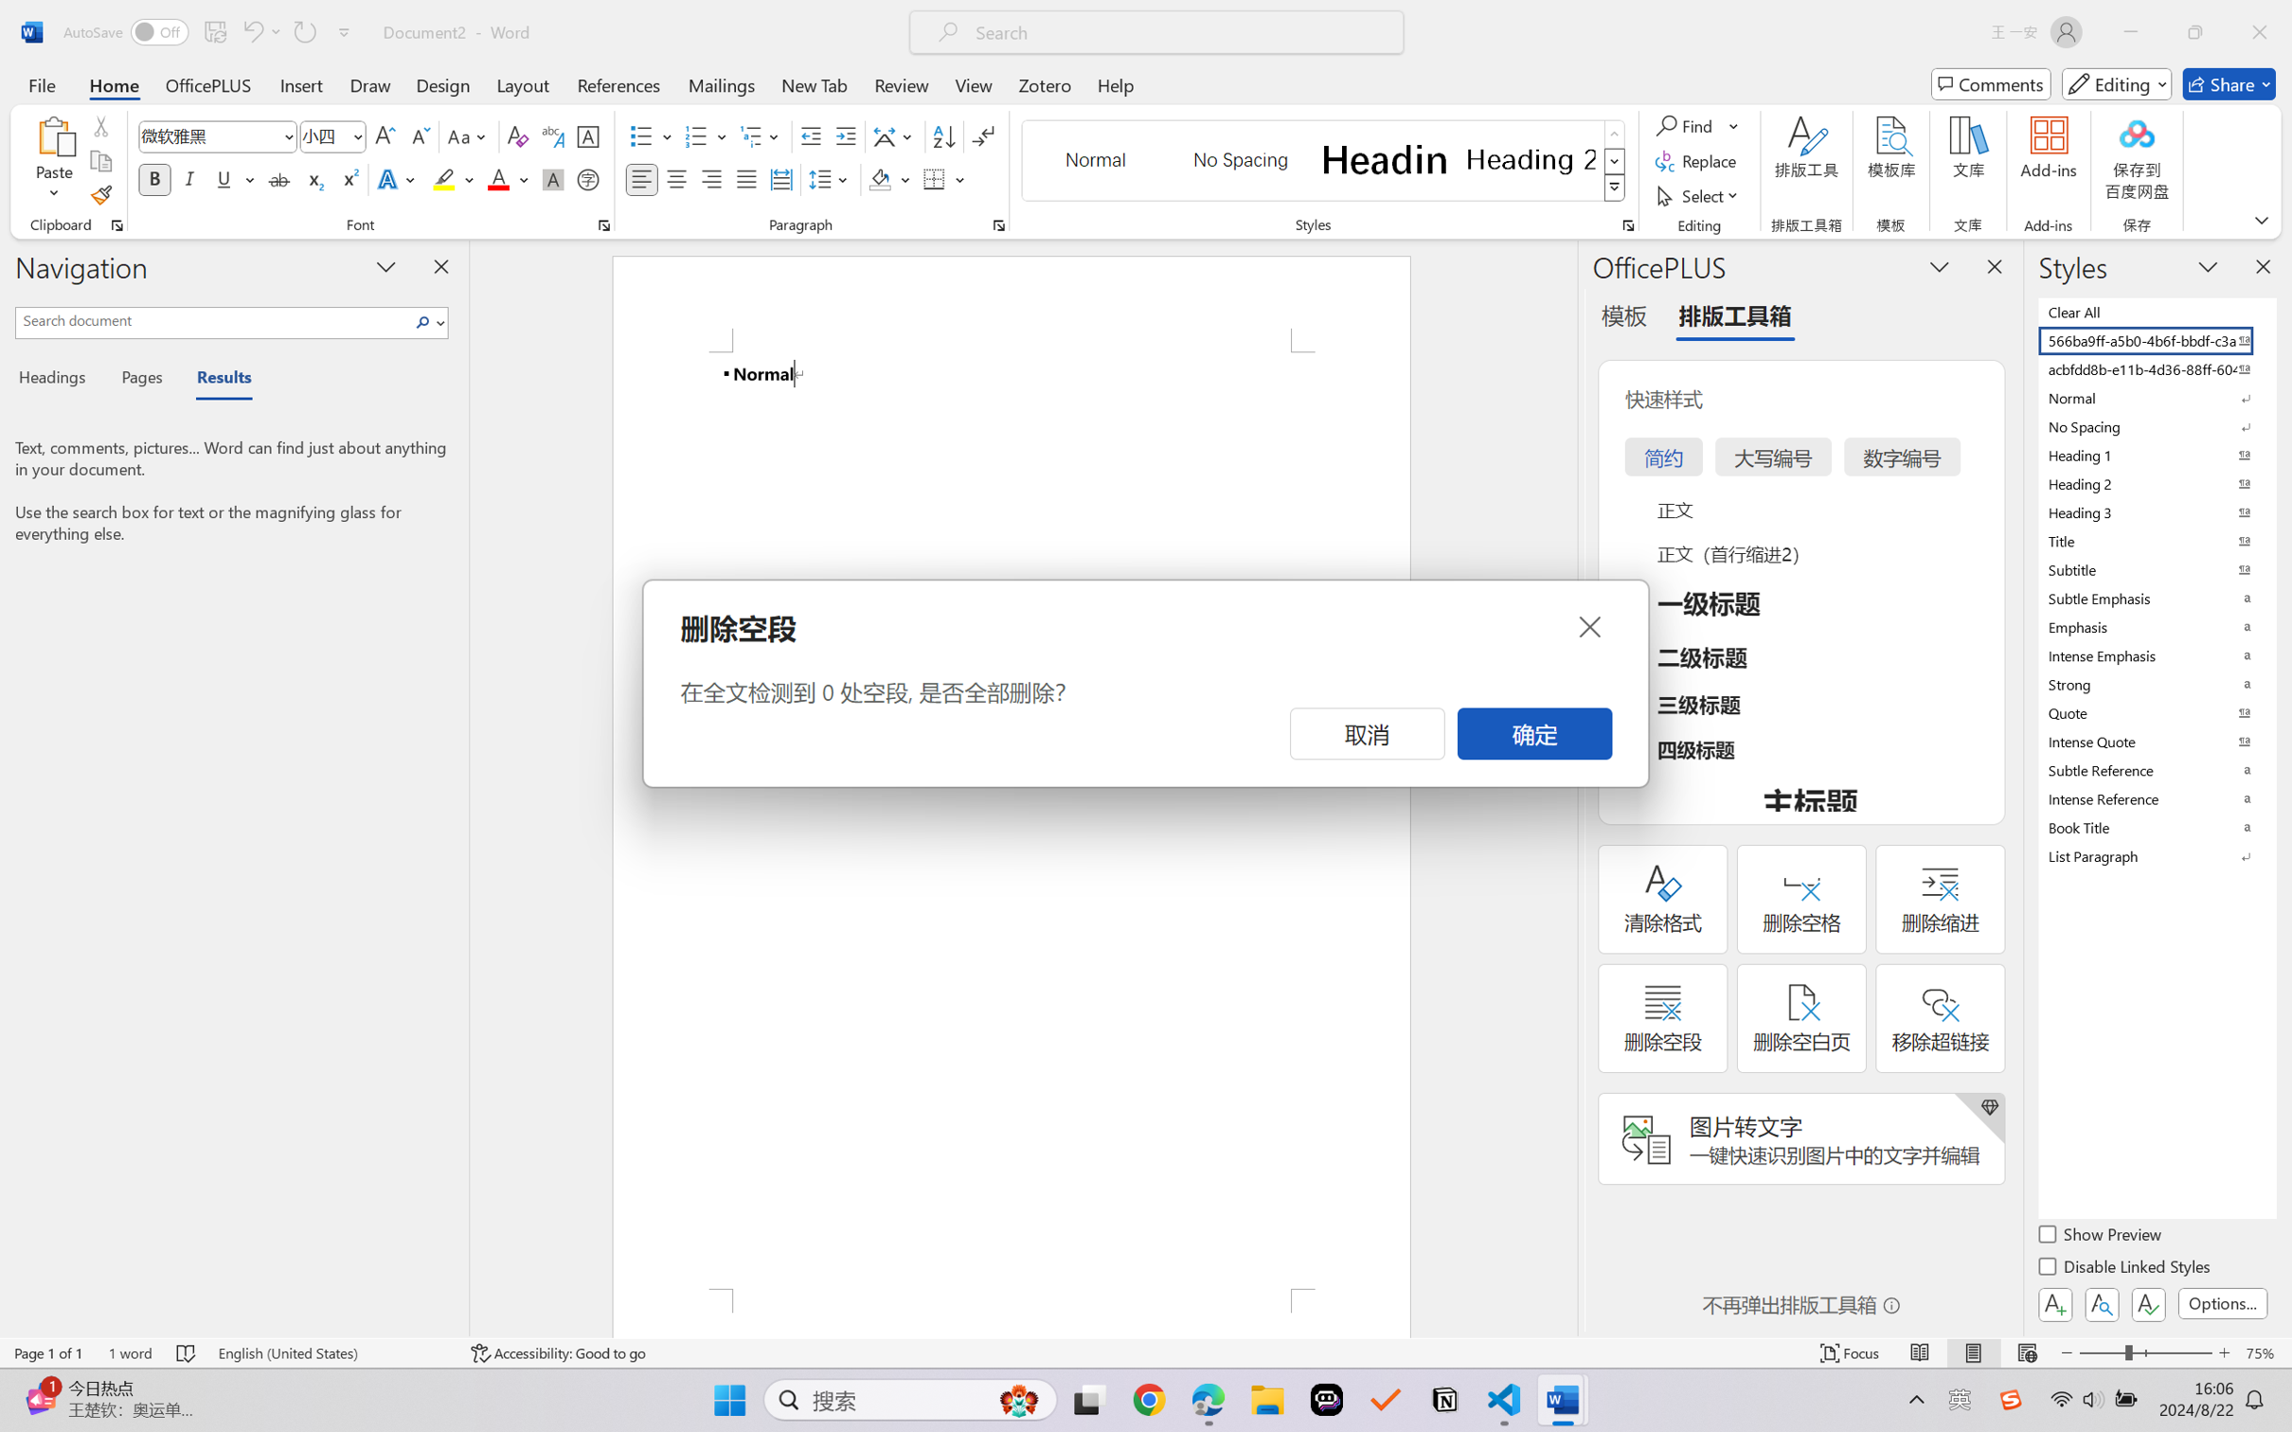 The image size is (2292, 1432). I want to click on 'File Tab', so click(41, 83).